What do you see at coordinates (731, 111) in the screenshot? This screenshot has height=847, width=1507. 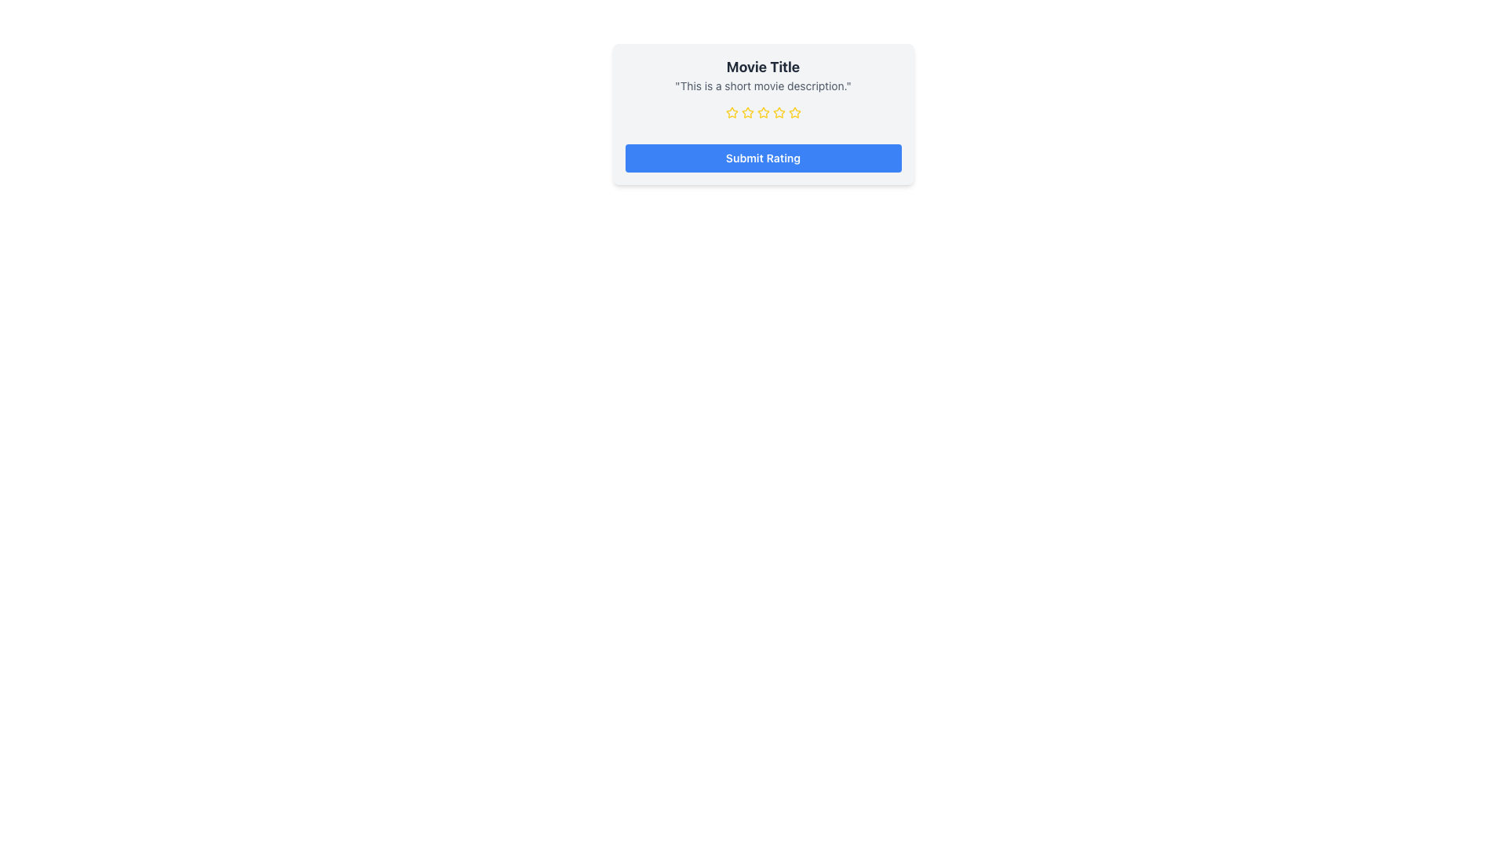 I see `the second yellow star icon` at bounding box center [731, 111].